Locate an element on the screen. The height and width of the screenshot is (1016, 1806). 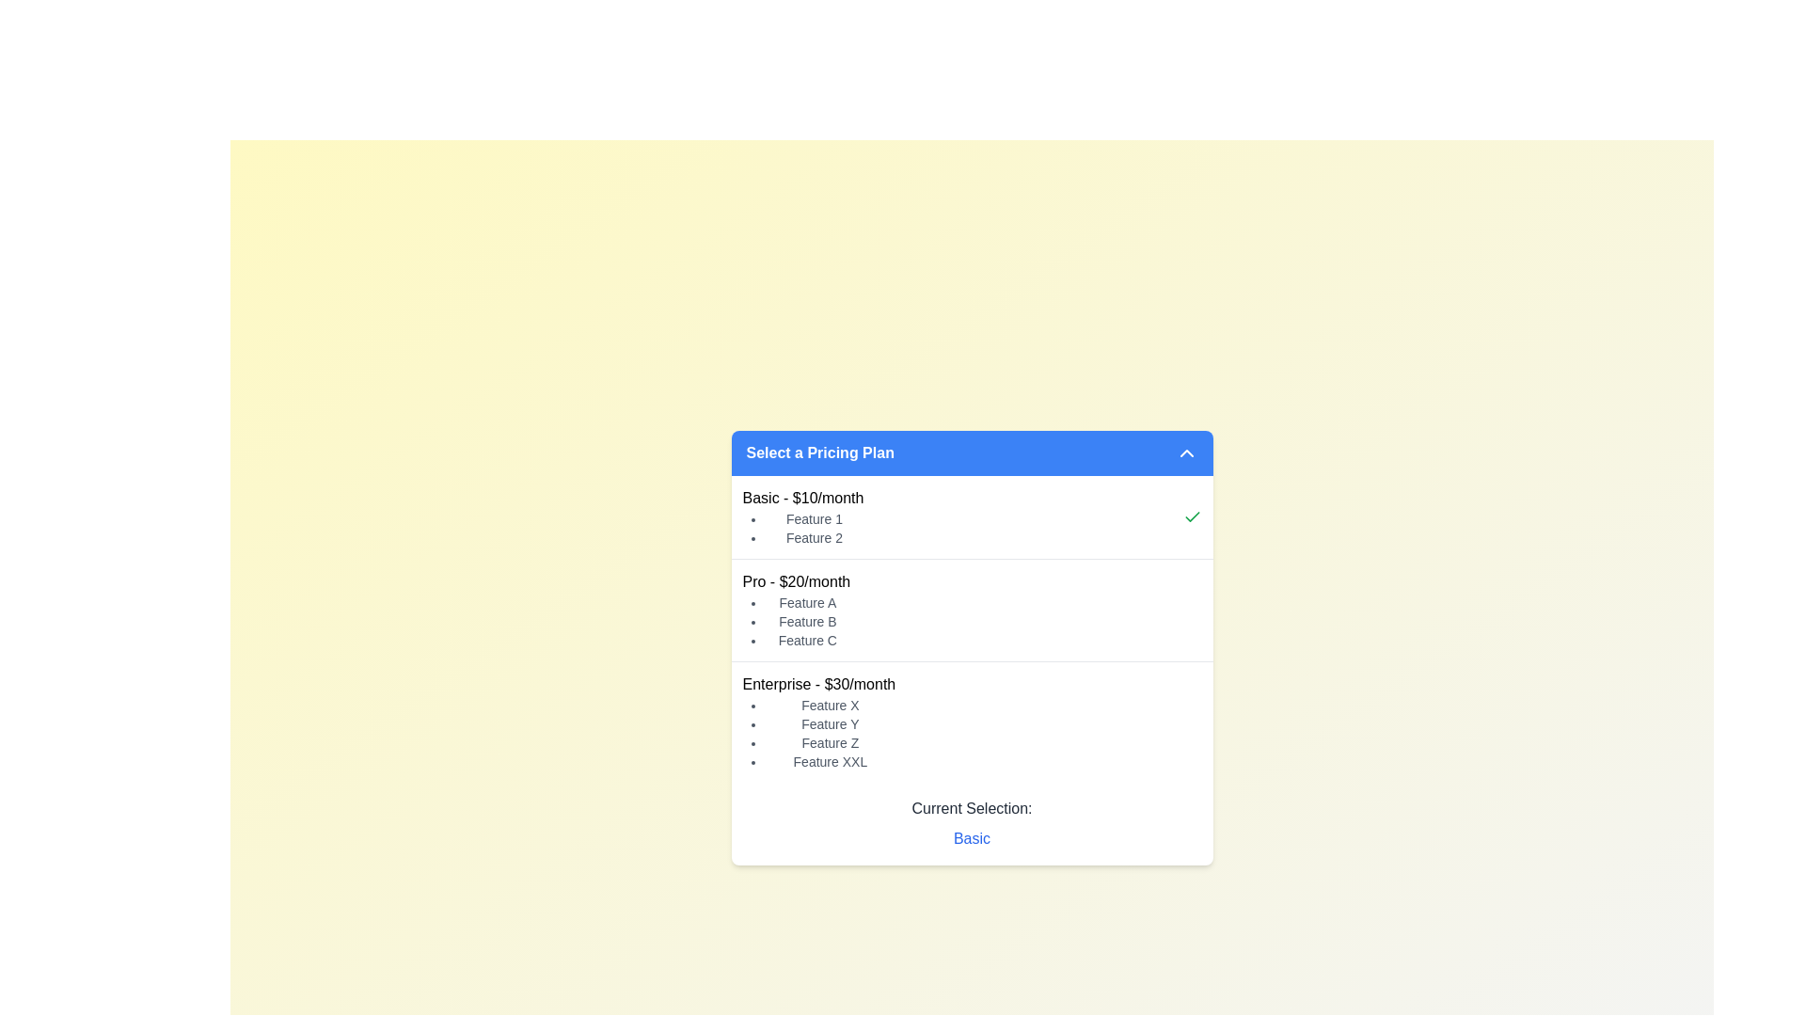
the bold text label displaying 'Select a Pricing Plan' within the blue background section of the dropdown interface is located at coordinates (820, 453).